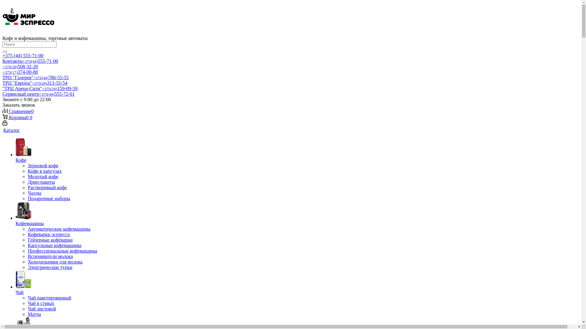 Image resolution: width=586 pixels, height=329 pixels. I want to click on '+375(29)508-32-20', so click(20, 66).